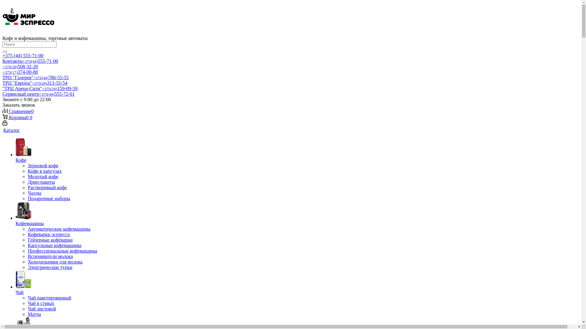 Image resolution: width=586 pixels, height=329 pixels. I want to click on '+375(29)508-32-20', so click(20, 66).